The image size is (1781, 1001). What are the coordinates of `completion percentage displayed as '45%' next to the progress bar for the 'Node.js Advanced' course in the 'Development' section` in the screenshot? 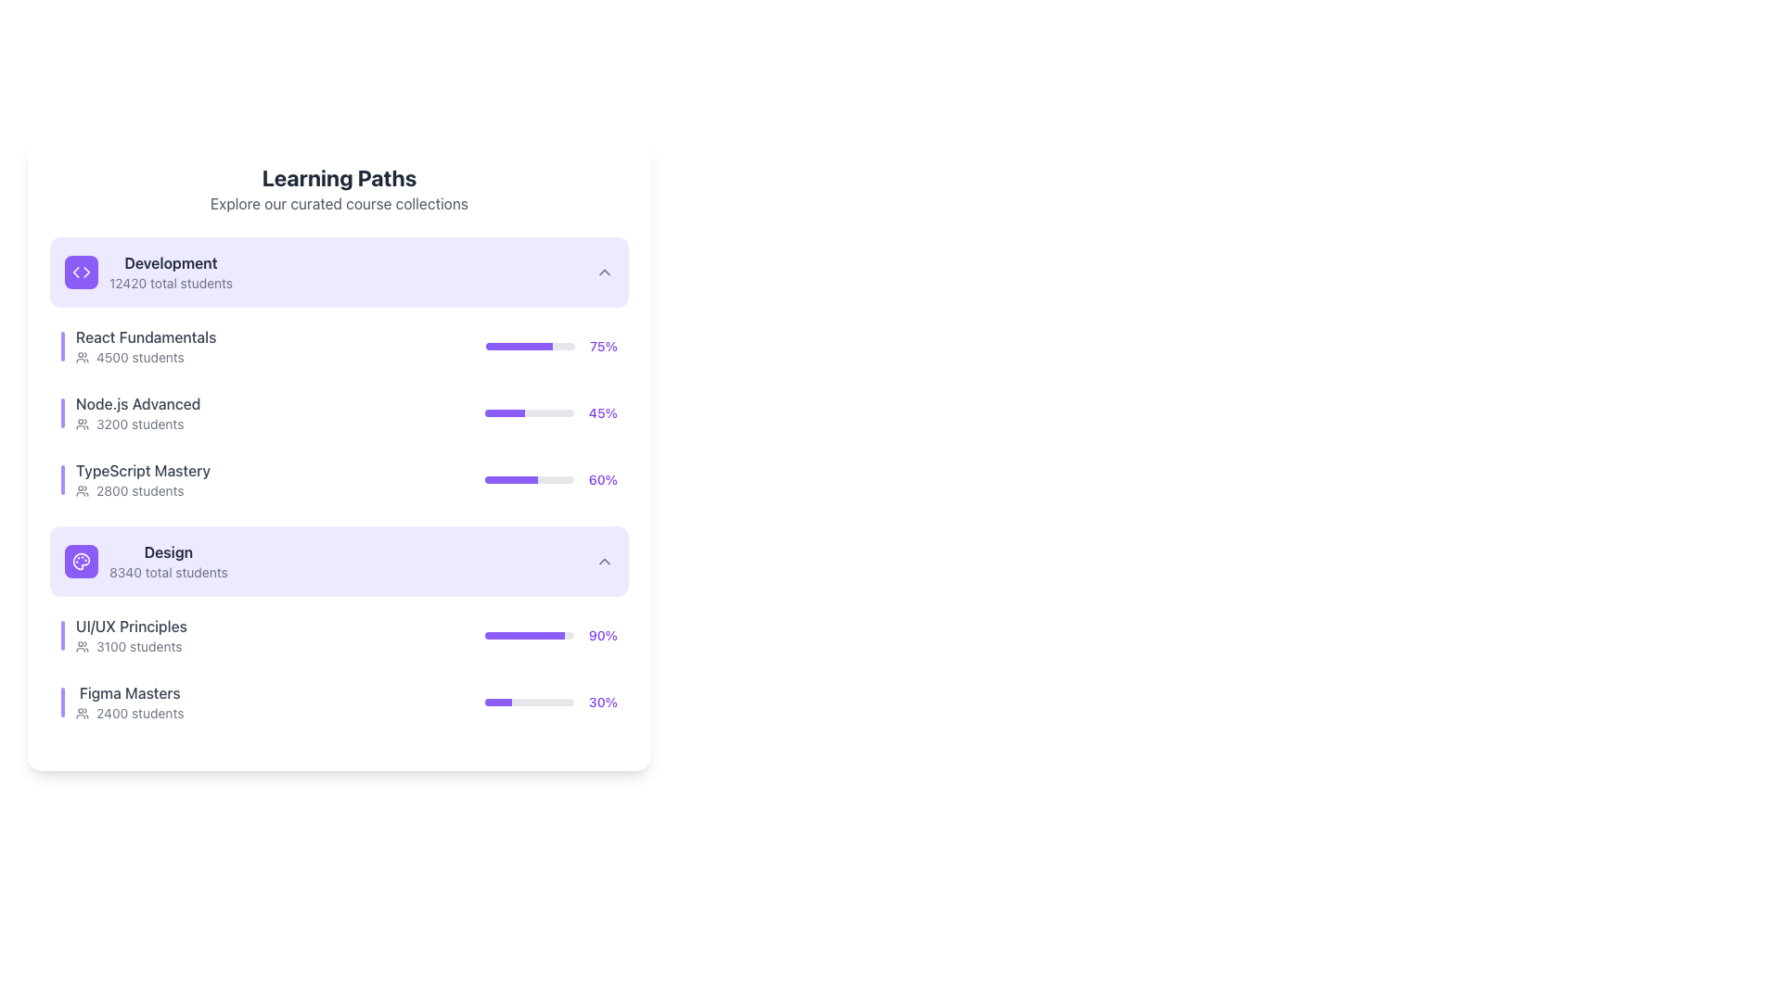 It's located at (603, 412).